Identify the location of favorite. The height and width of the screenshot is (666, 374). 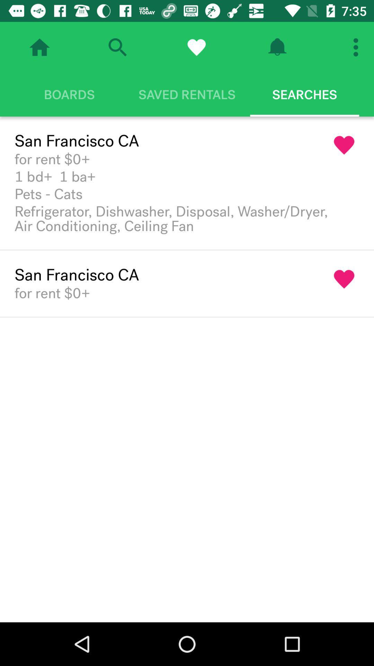
(196, 47).